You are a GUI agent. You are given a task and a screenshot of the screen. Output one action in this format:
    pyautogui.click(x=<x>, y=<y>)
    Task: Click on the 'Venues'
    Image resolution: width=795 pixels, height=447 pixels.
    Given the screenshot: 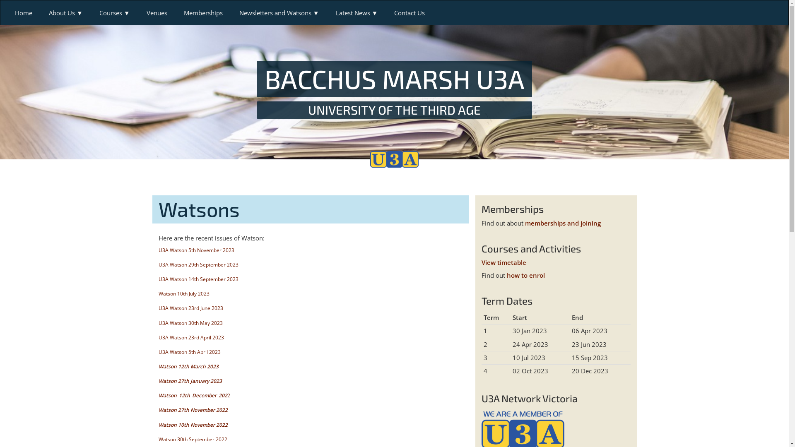 What is the action you would take?
    pyautogui.click(x=157, y=12)
    